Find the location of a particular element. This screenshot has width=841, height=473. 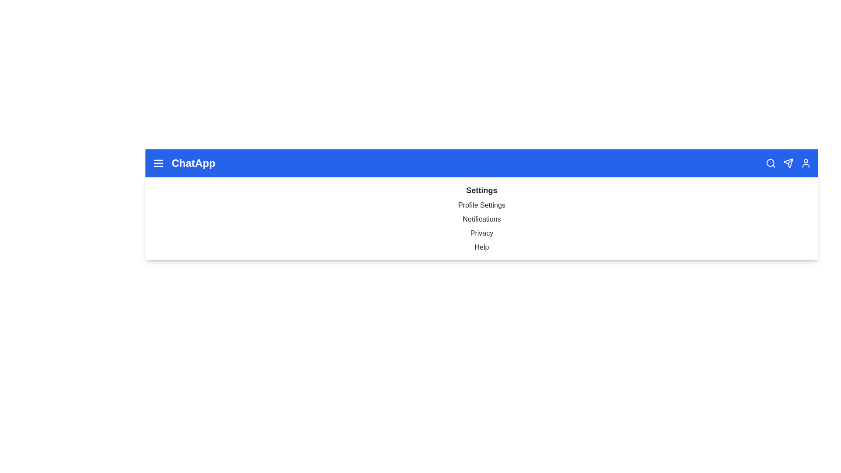

the send icon in the ChatAppBar is located at coordinates (788, 163).